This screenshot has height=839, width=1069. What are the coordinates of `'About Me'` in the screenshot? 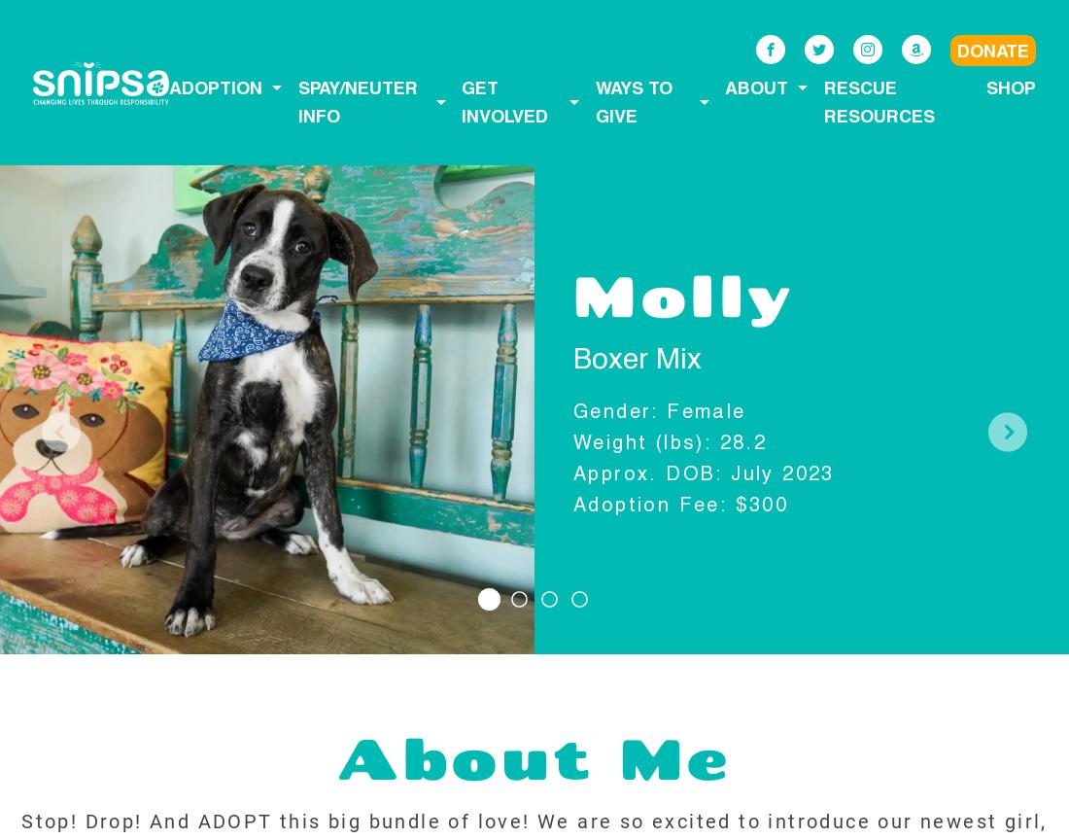 It's located at (534, 756).